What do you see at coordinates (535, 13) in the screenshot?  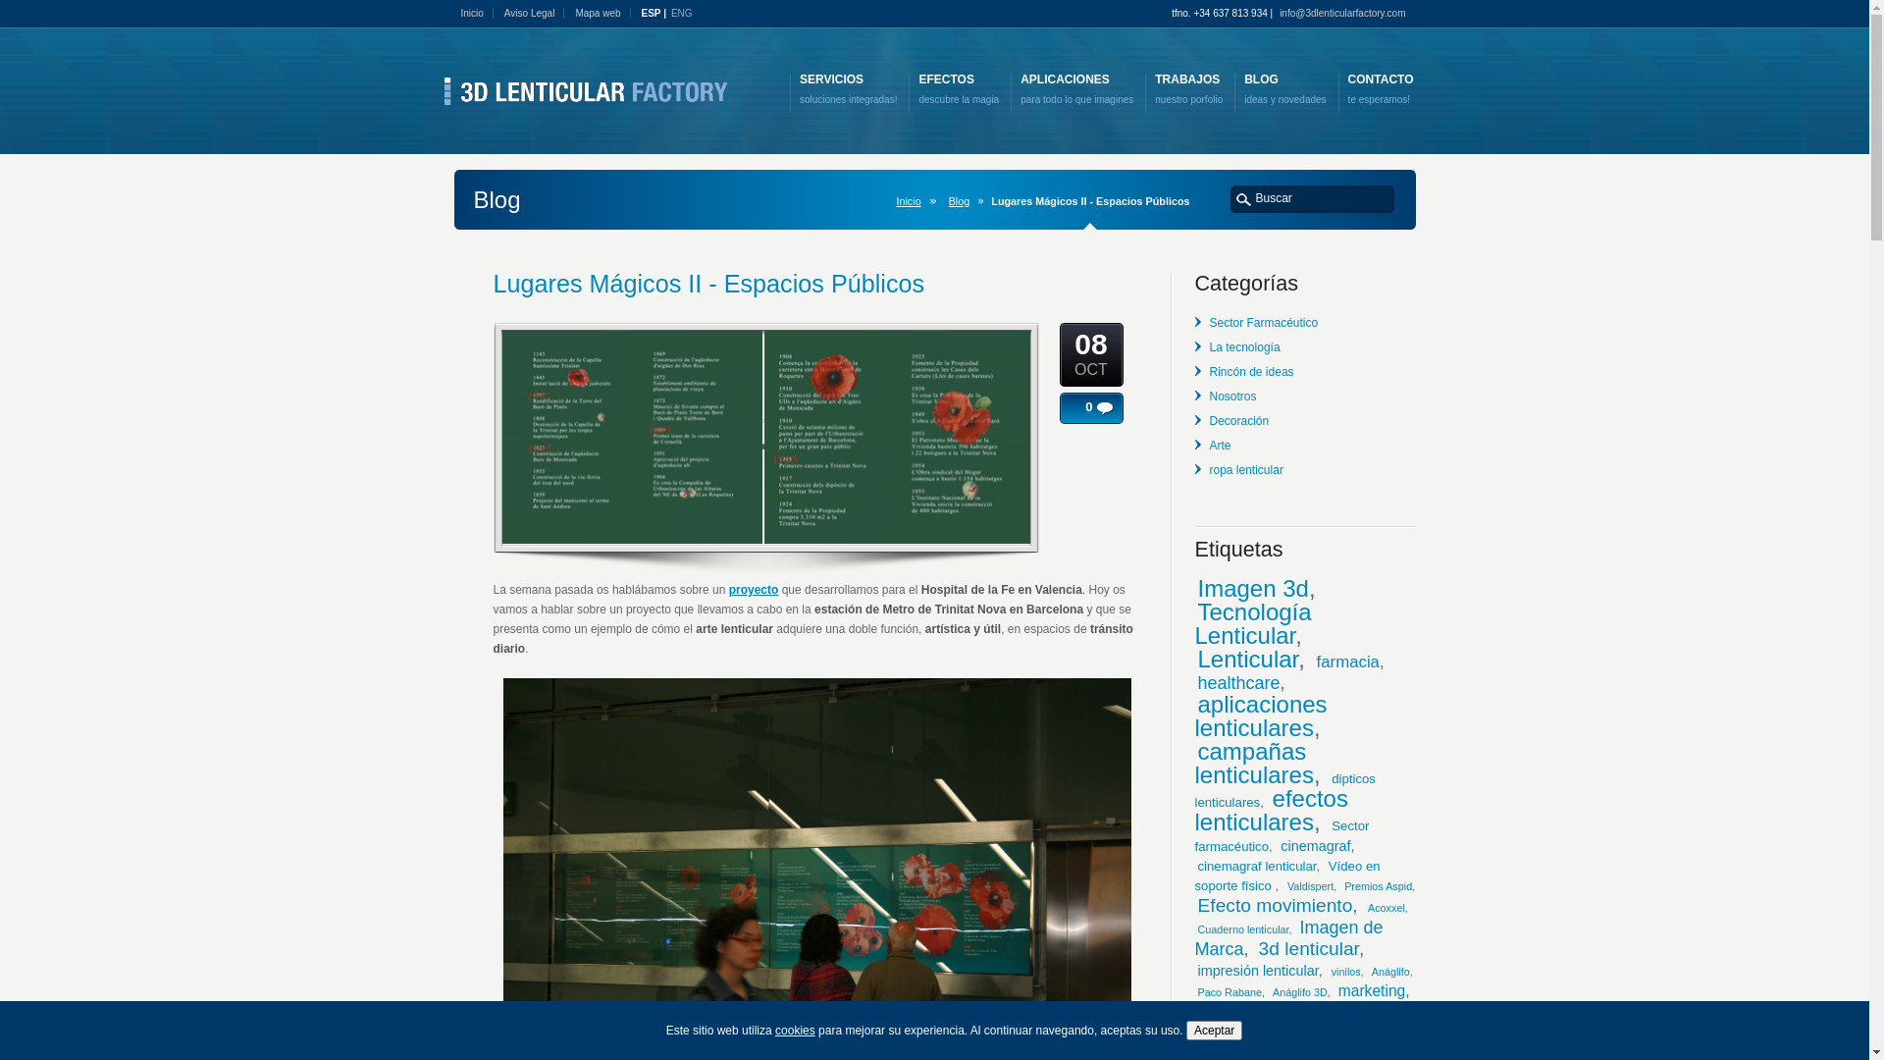 I see `'Aviso Legal'` at bounding box center [535, 13].